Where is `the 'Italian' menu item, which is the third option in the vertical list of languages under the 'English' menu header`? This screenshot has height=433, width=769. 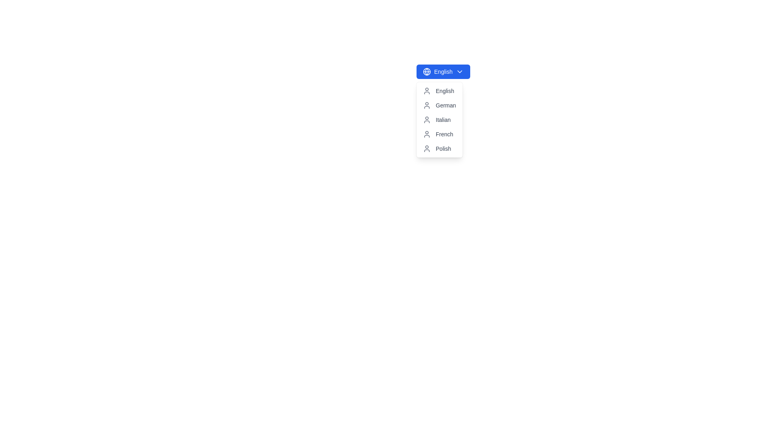
the 'Italian' menu item, which is the third option in the vertical list of languages under the 'English' menu header is located at coordinates (439, 120).